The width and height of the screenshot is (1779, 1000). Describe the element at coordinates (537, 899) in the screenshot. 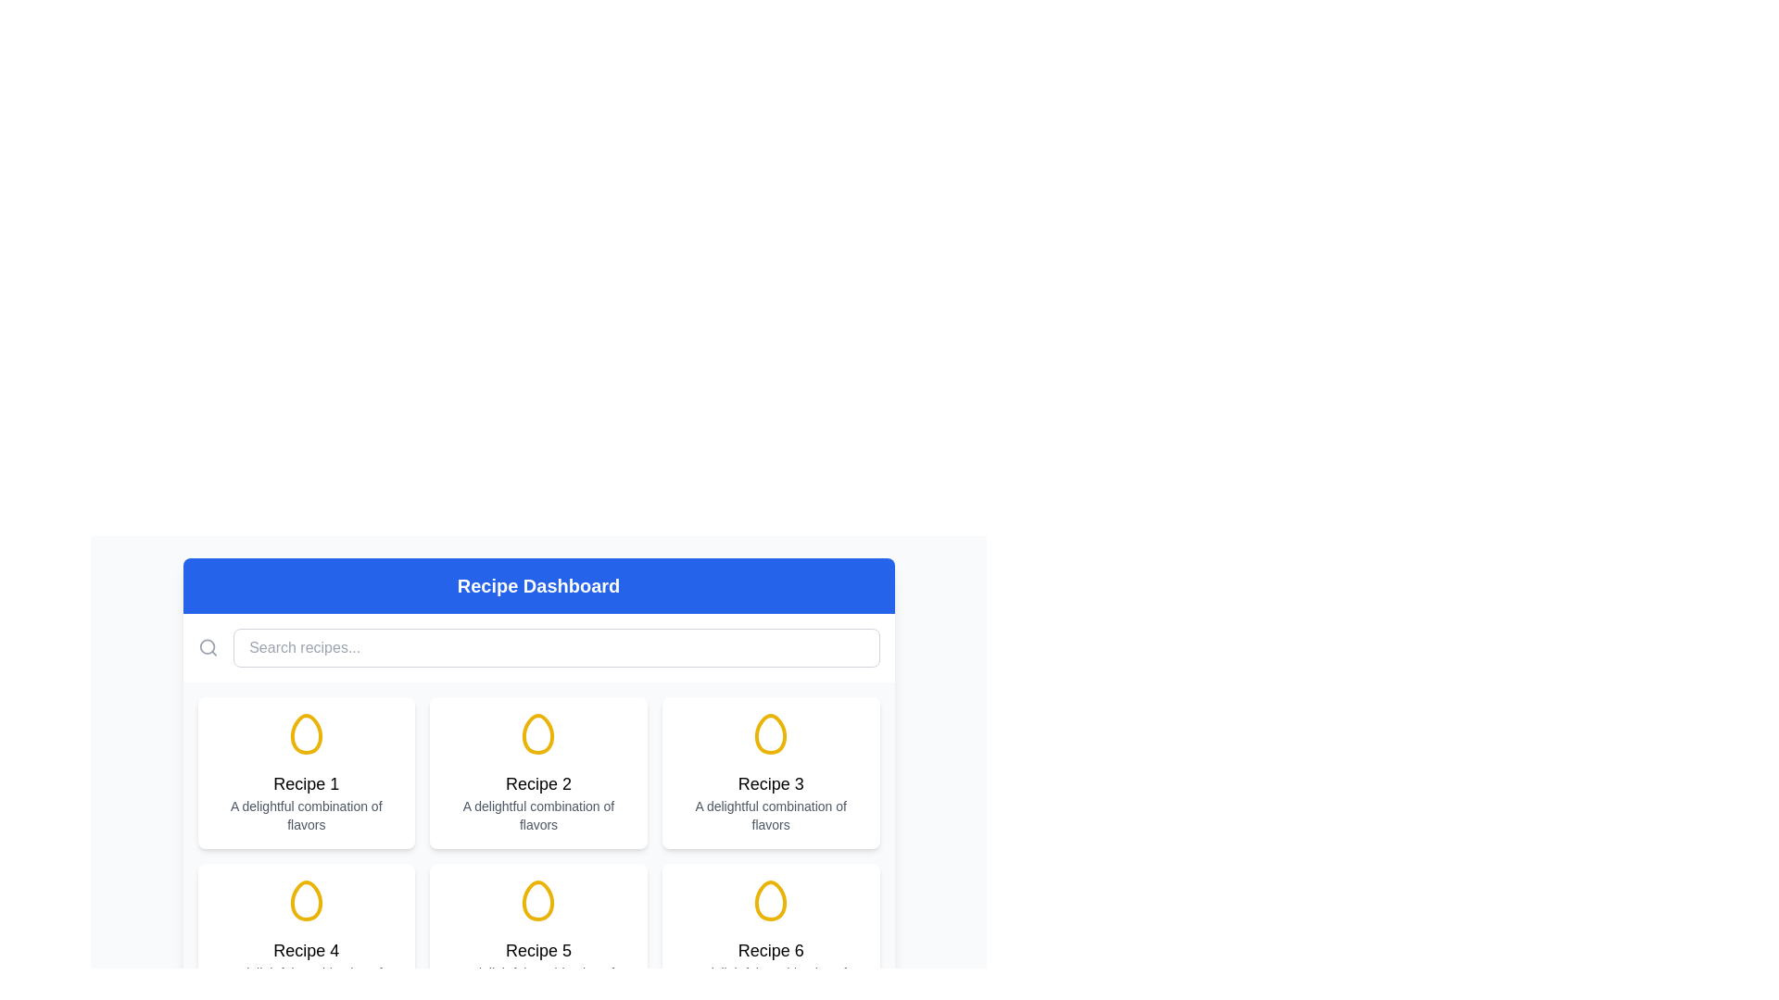

I see `the stylized egg-shaped icon filled with golden yellow color located within the card layout under the heading 'Recipe 5'` at that location.